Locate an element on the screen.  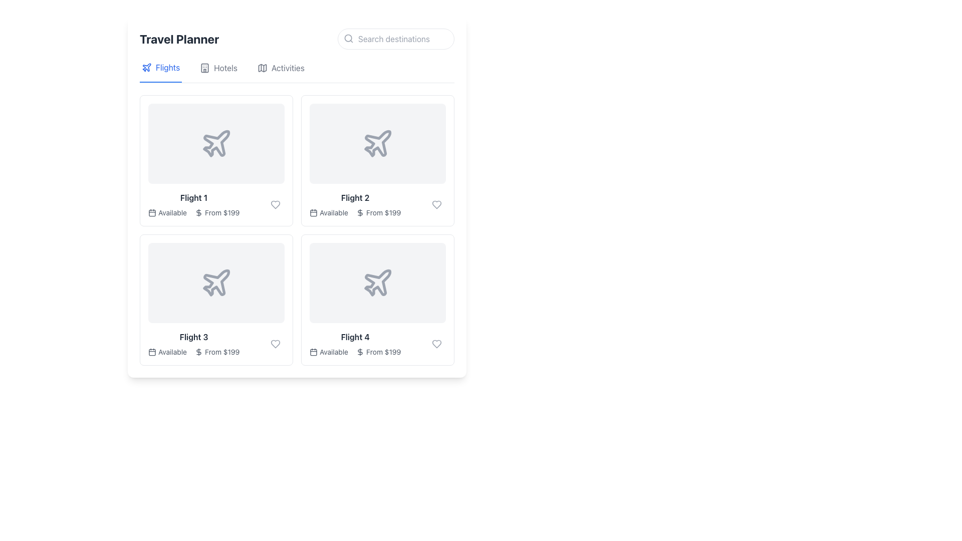
'Available' label with the calendar icon located in the 'Flight 2' card, positioned below the flight preview image and title, and above the pricing information is located at coordinates (329, 212).